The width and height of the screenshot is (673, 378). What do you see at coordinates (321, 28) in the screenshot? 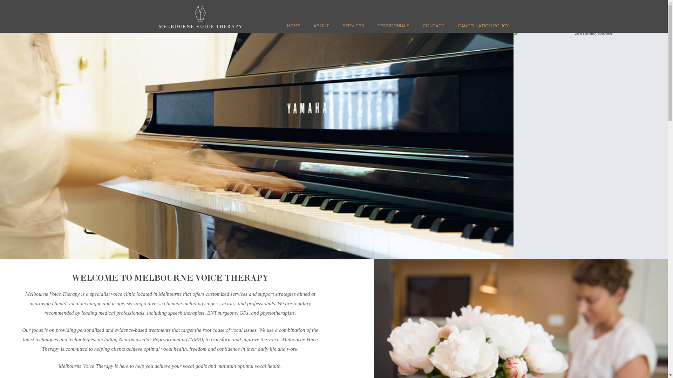
I see `'ABOUT'` at bounding box center [321, 28].